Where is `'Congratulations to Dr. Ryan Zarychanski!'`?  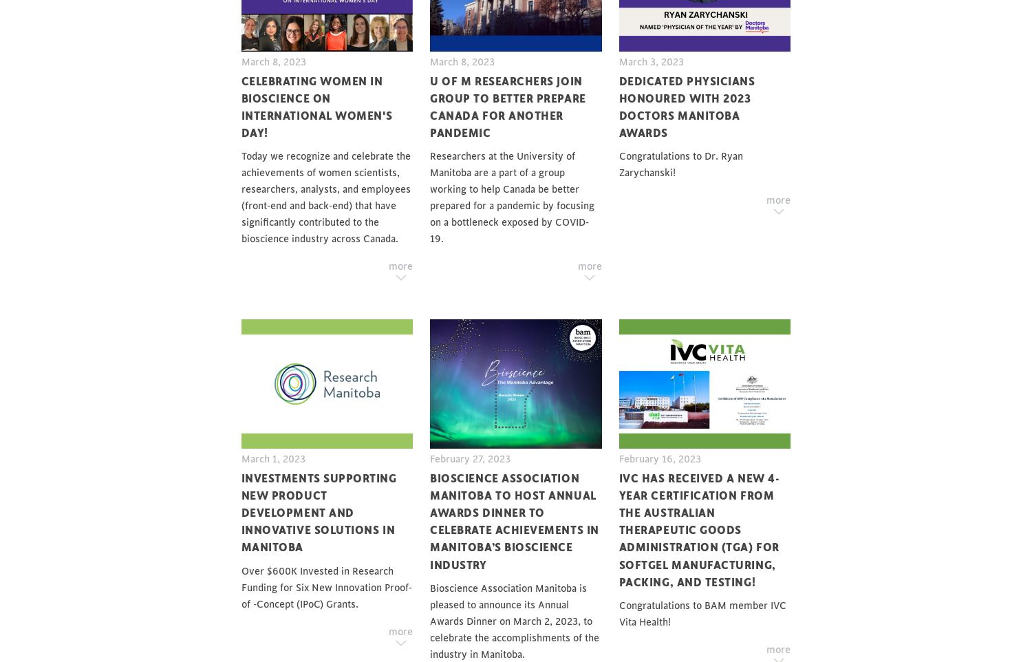 'Congratulations to Dr. Ryan Zarychanski!' is located at coordinates (618, 164).